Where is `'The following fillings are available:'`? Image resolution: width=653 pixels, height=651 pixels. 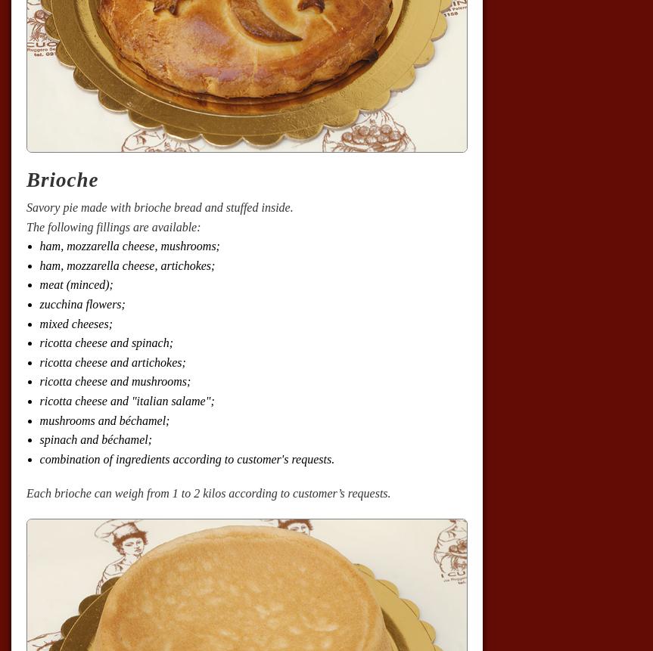
'The following fillings are available:' is located at coordinates (112, 226).